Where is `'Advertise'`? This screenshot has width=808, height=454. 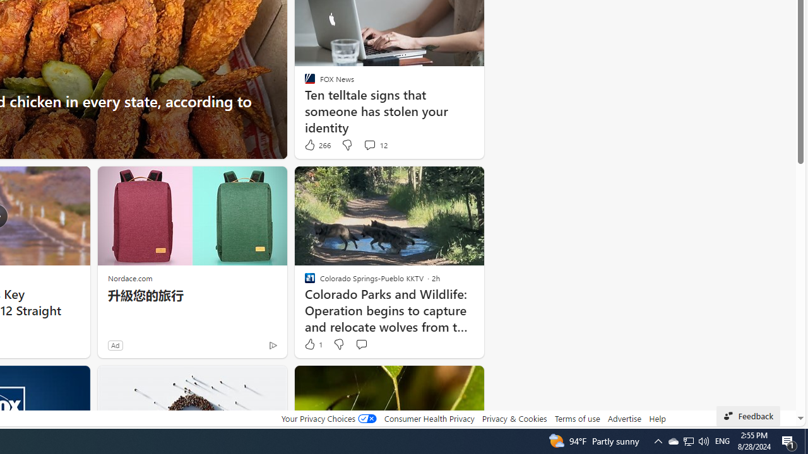
'Advertise' is located at coordinates (625, 418).